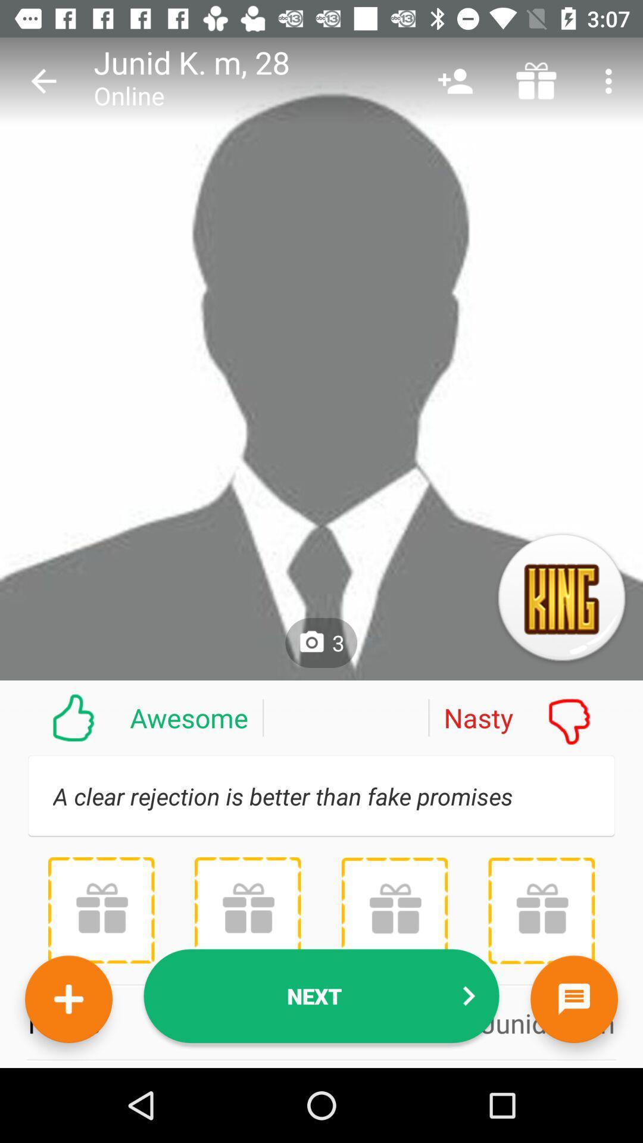  What do you see at coordinates (247, 910) in the screenshot?
I see `gift coupon` at bounding box center [247, 910].